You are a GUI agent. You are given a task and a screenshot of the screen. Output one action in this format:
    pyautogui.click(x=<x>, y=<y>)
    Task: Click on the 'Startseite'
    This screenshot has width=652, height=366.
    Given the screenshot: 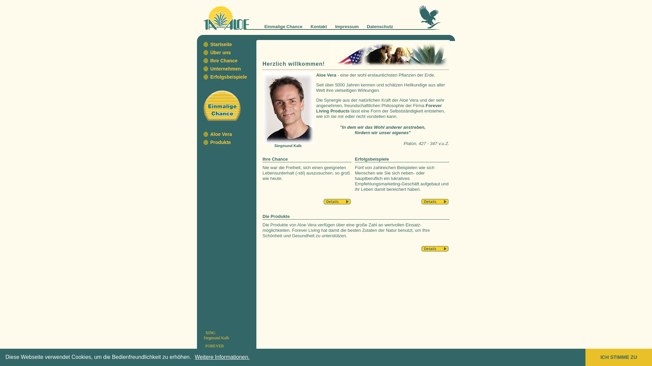 What is the action you would take?
    pyautogui.click(x=221, y=44)
    